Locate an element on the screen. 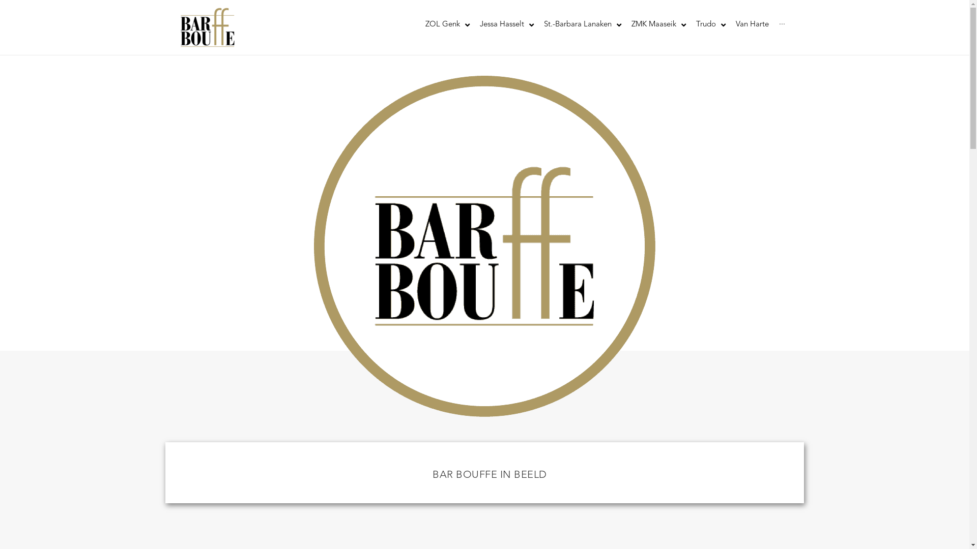 Image resolution: width=977 pixels, height=549 pixels. 'Trudo' is located at coordinates (691, 24).